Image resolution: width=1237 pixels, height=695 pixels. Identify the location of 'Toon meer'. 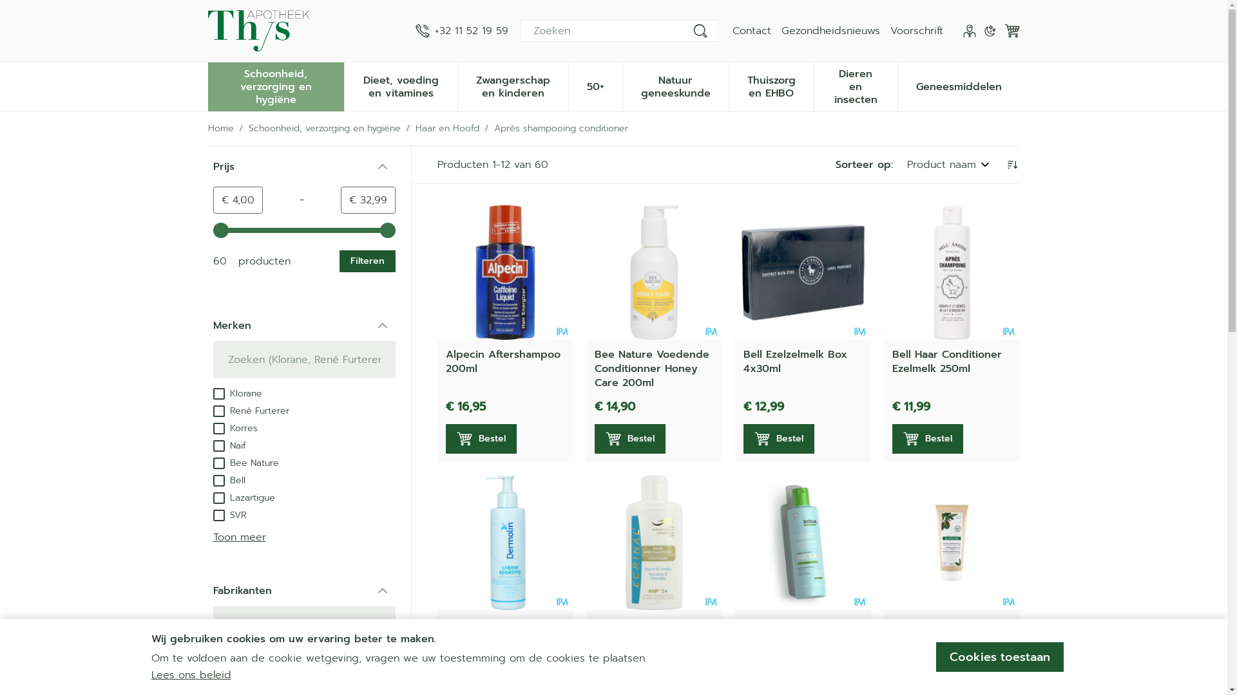
(238, 537).